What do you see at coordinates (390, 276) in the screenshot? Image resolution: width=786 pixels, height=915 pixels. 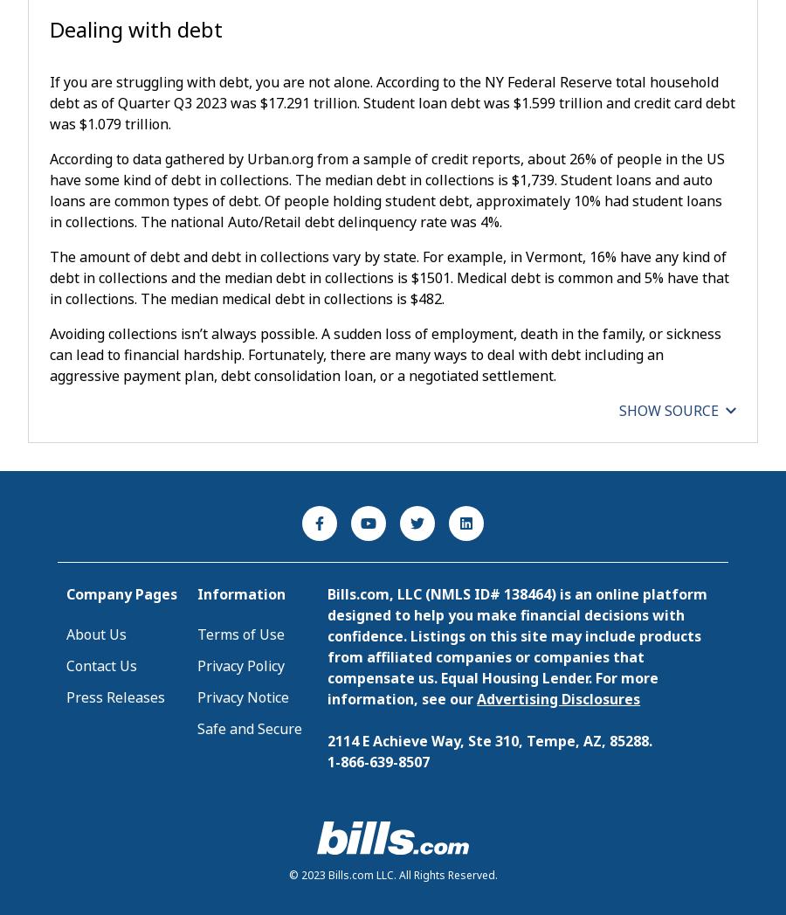 I see `'The amount of debt and debt in collections vary by state. For example, in Vermont, 16% have any kind of debt in collections and the median debt in collections is $1501. Medical debt is common and 5% have that in collections. The median medical debt in collections is $482.'` at bounding box center [390, 276].